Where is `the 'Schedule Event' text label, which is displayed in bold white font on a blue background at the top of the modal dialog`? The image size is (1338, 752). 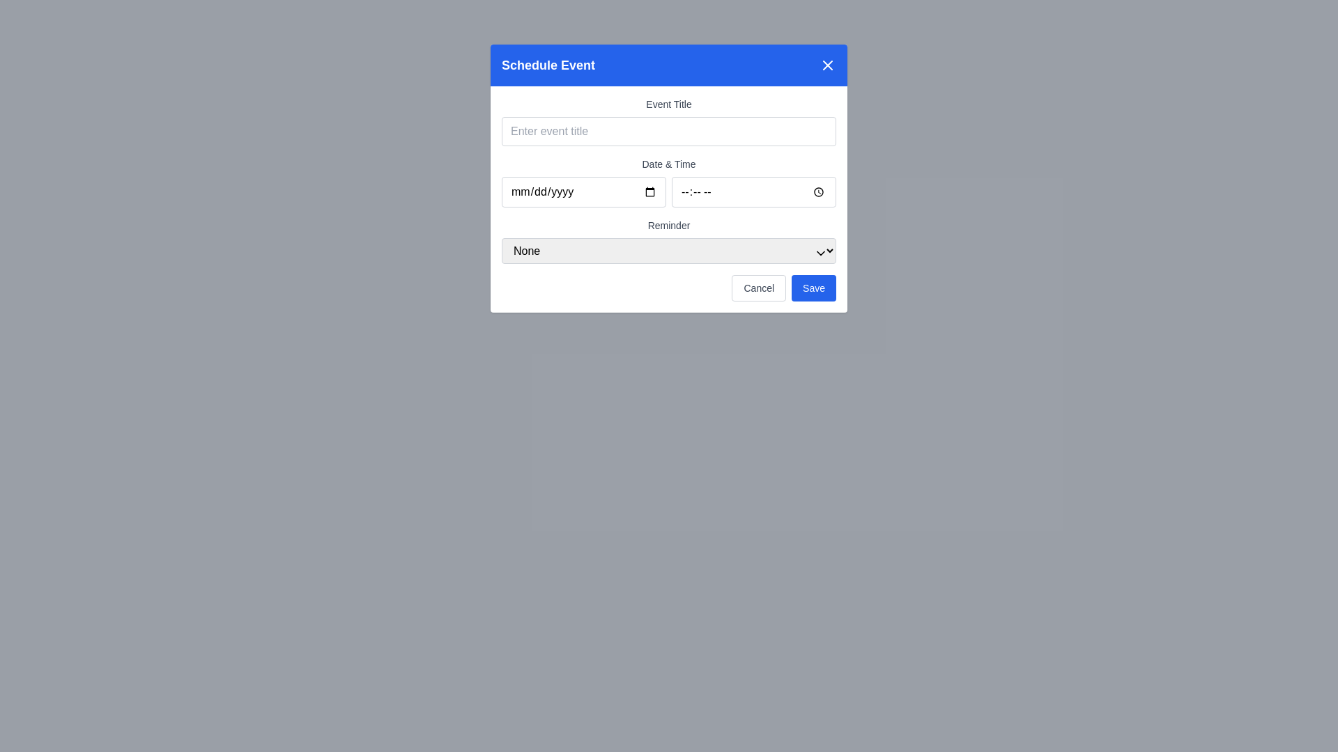 the 'Schedule Event' text label, which is displayed in bold white font on a blue background at the top of the modal dialog is located at coordinates (548, 65).